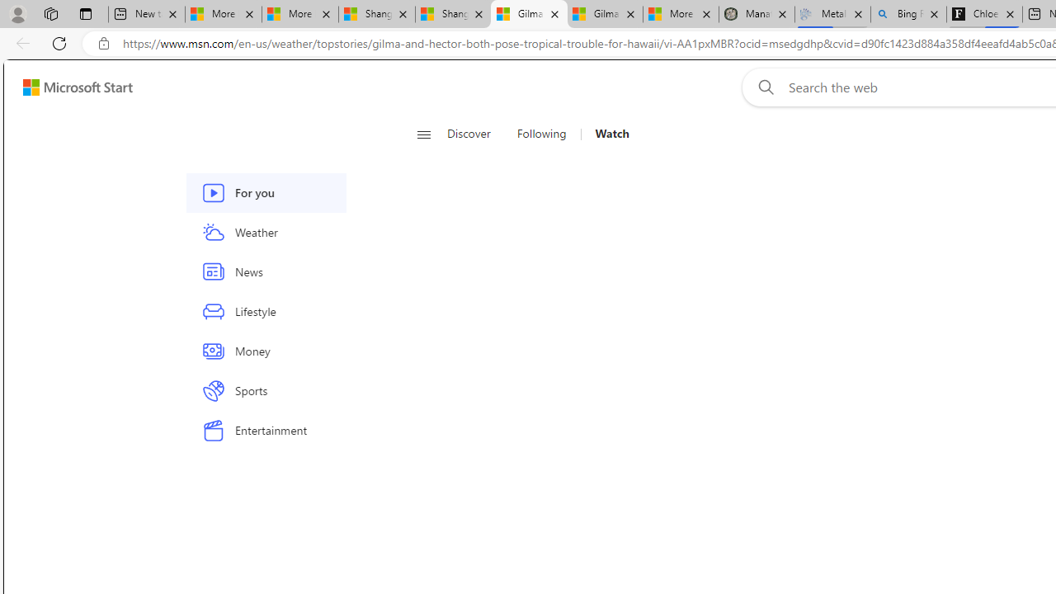 The height and width of the screenshot is (594, 1056). I want to click on 'Following', so click(541, 134).